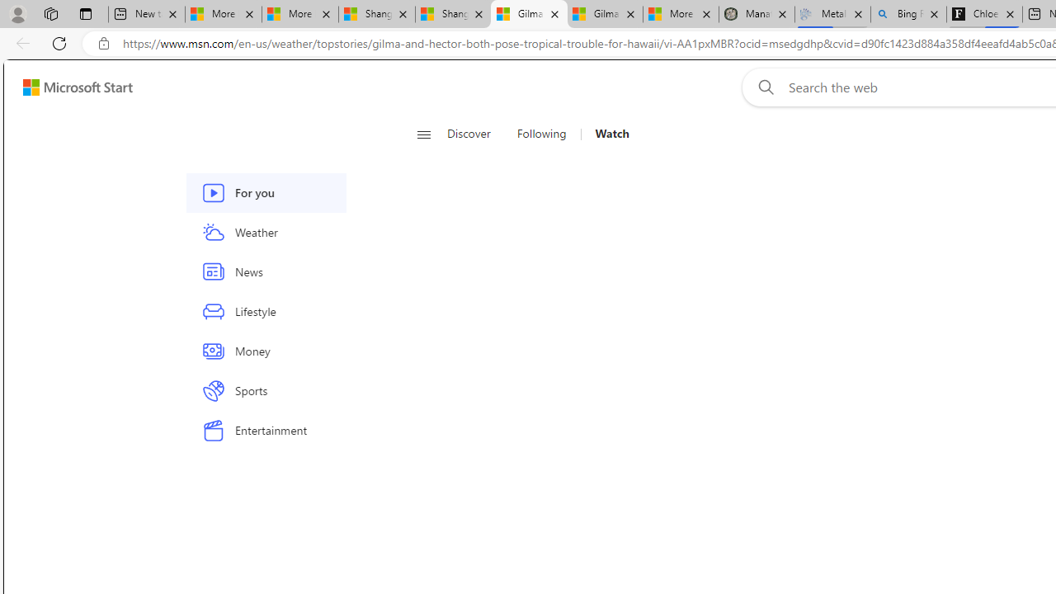 The height and width of the screenshot is (594, 1056). I want to click on 'Following', so click(541, 134).